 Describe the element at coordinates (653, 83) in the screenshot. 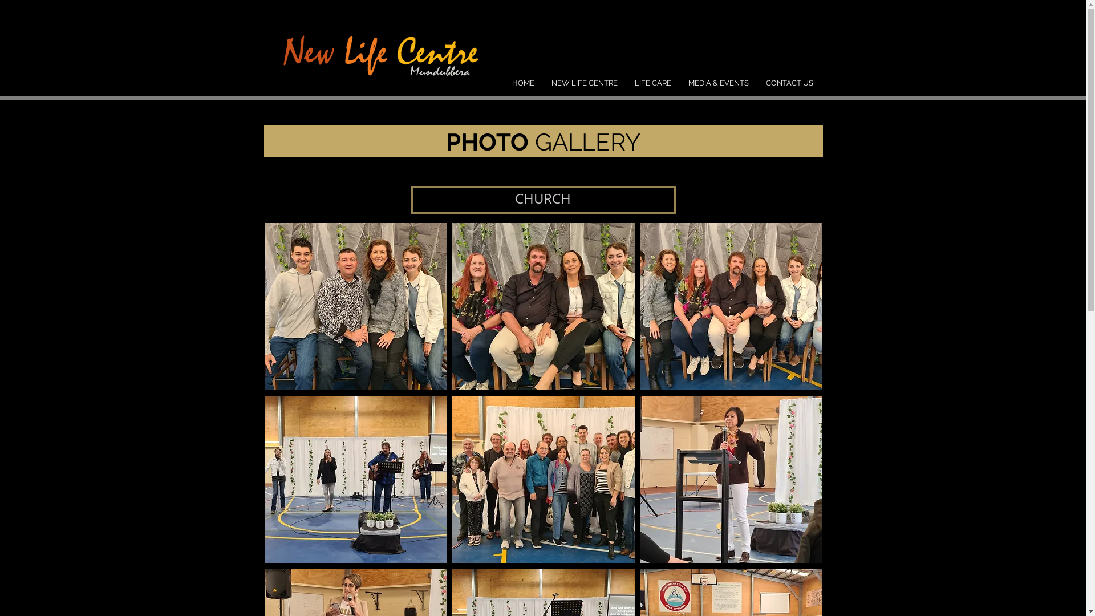

I see `'LIFE CARE'` at that location.